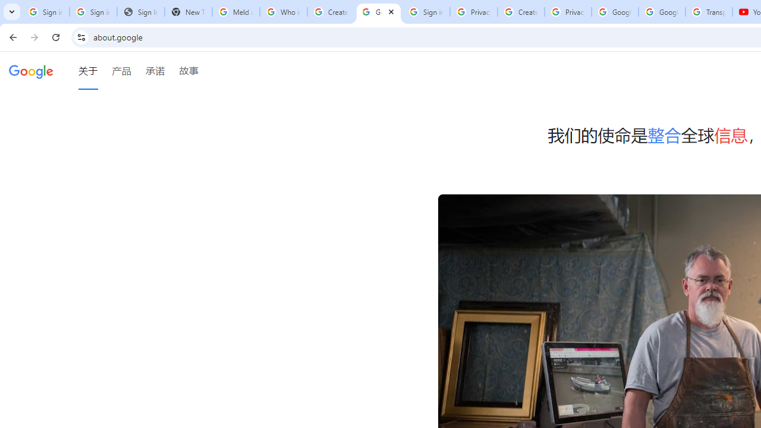 The height and width of the screenshot is (428, 761). I want to click on 'Google Account', so click(661, 12).